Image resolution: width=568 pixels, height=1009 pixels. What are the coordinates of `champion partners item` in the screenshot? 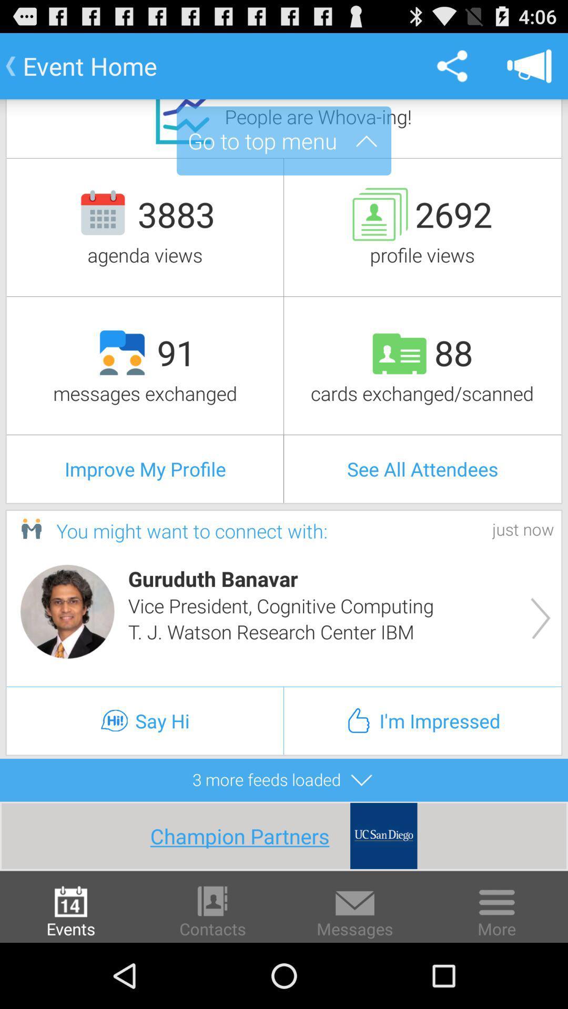 It's located at (250, 836).